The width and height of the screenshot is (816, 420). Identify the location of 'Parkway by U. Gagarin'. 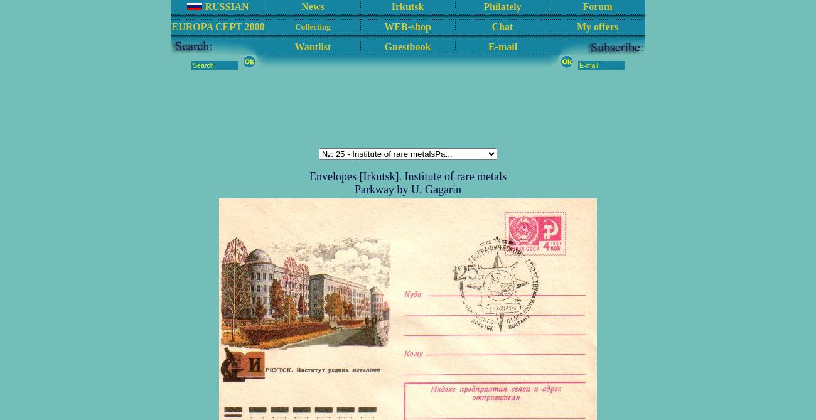
(407, 189).